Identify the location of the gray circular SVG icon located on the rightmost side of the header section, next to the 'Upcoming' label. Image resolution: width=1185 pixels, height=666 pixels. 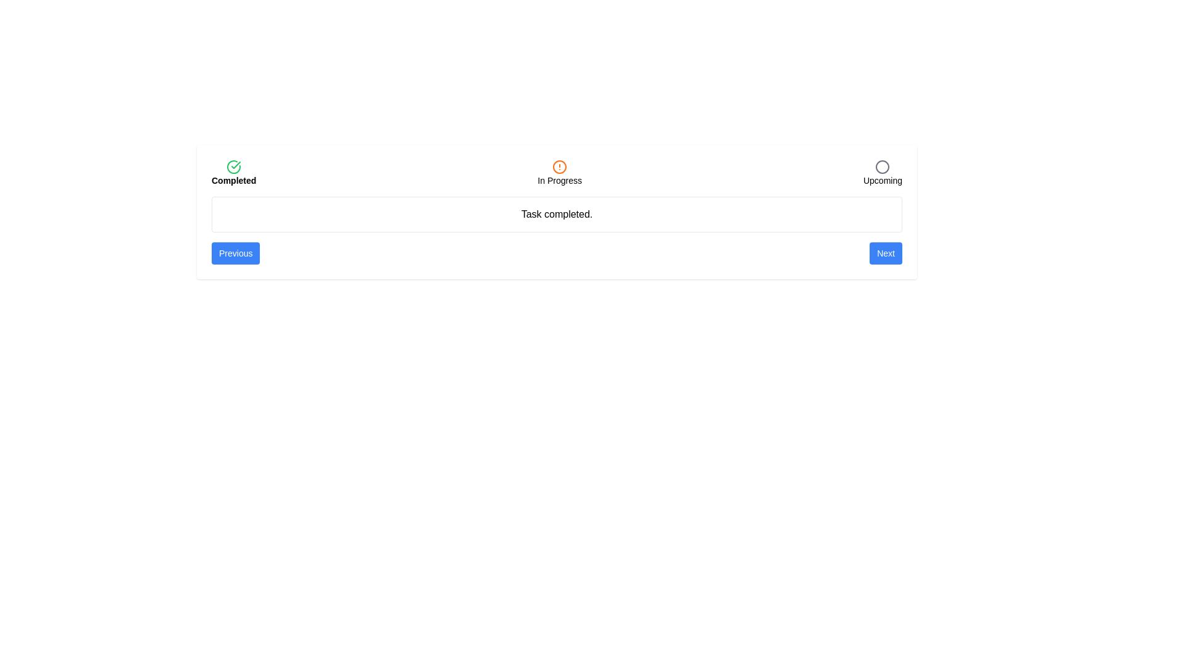
(882, 166).